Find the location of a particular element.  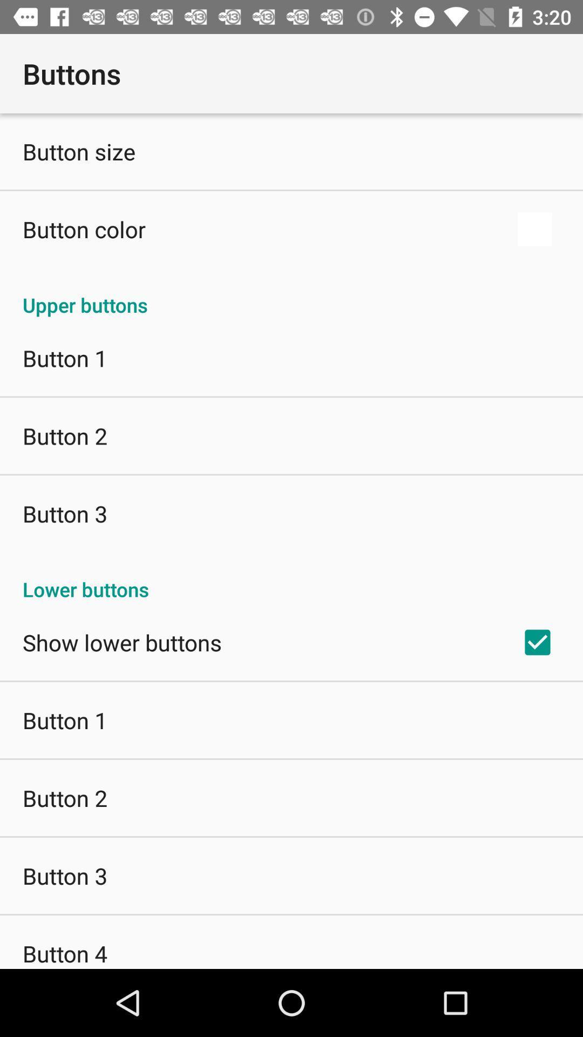

icon to the right of the button color item is located at coordinates (534, 228).